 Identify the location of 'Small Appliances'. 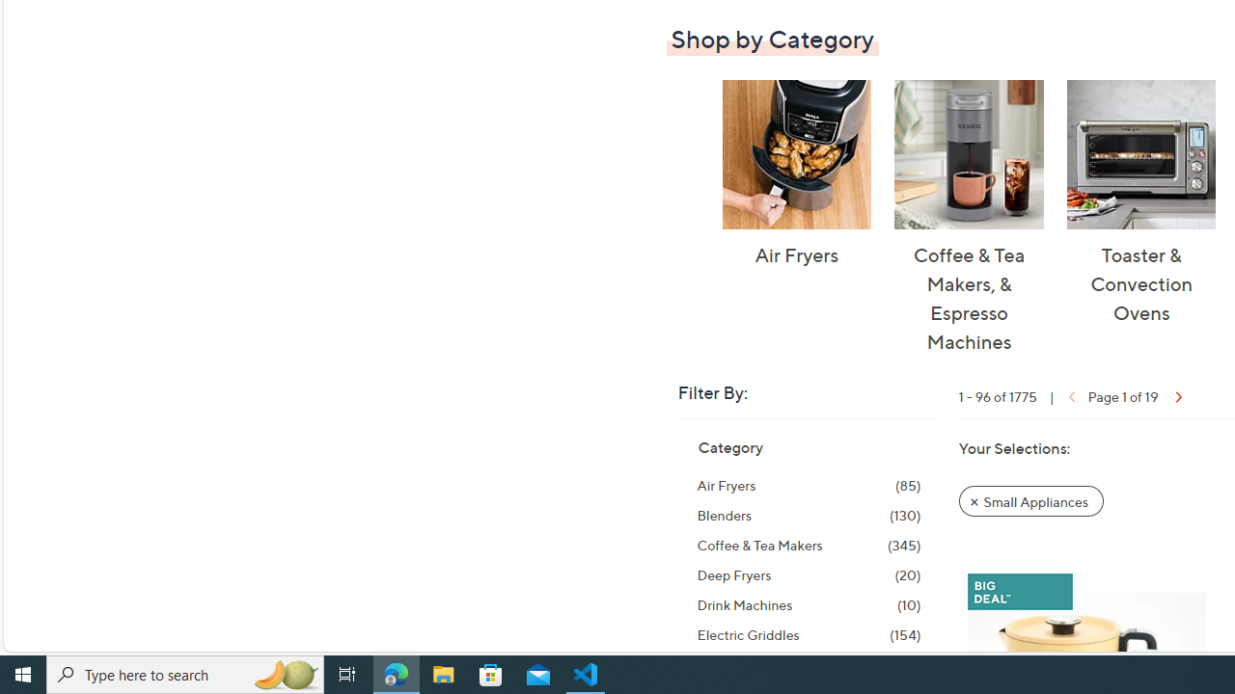
(1030, 499).